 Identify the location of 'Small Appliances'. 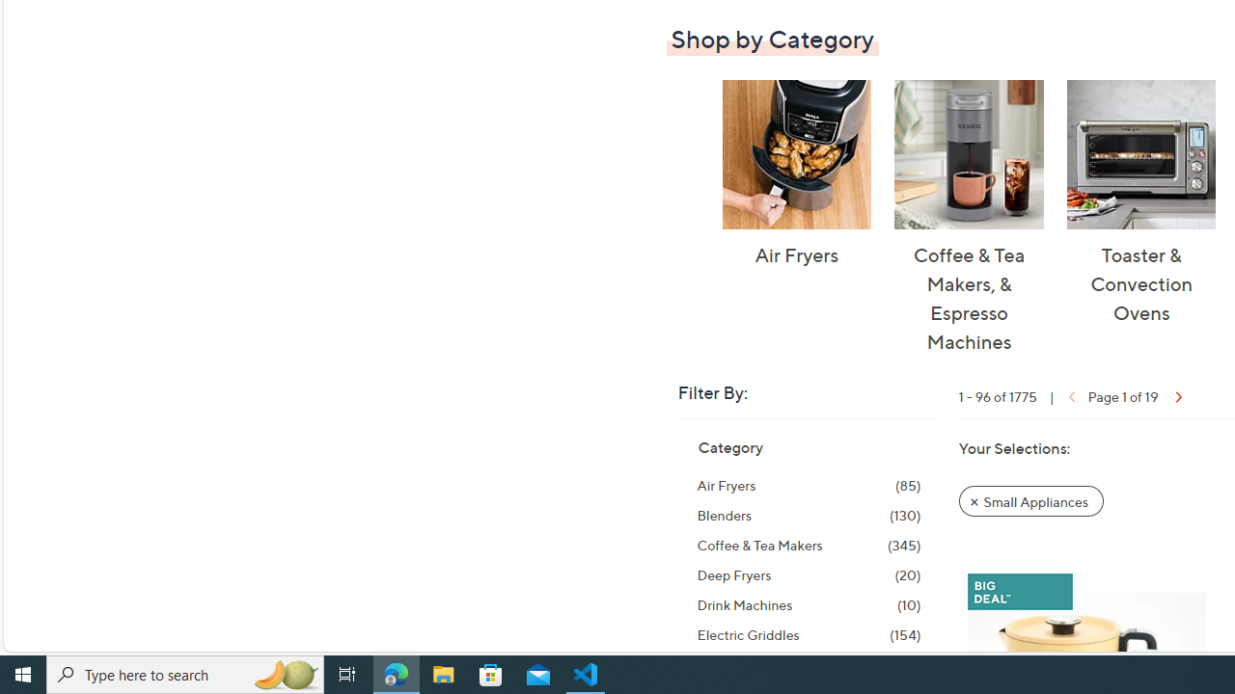
(1030, 499).